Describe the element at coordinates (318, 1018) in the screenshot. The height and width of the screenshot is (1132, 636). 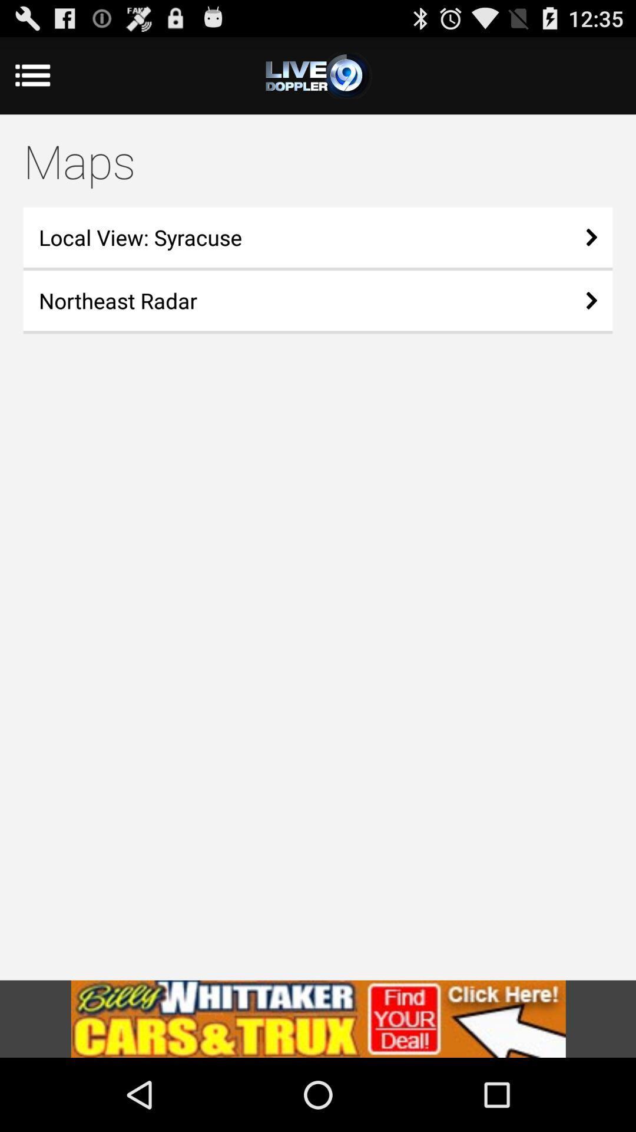
I see `item at the bottom` at that location.